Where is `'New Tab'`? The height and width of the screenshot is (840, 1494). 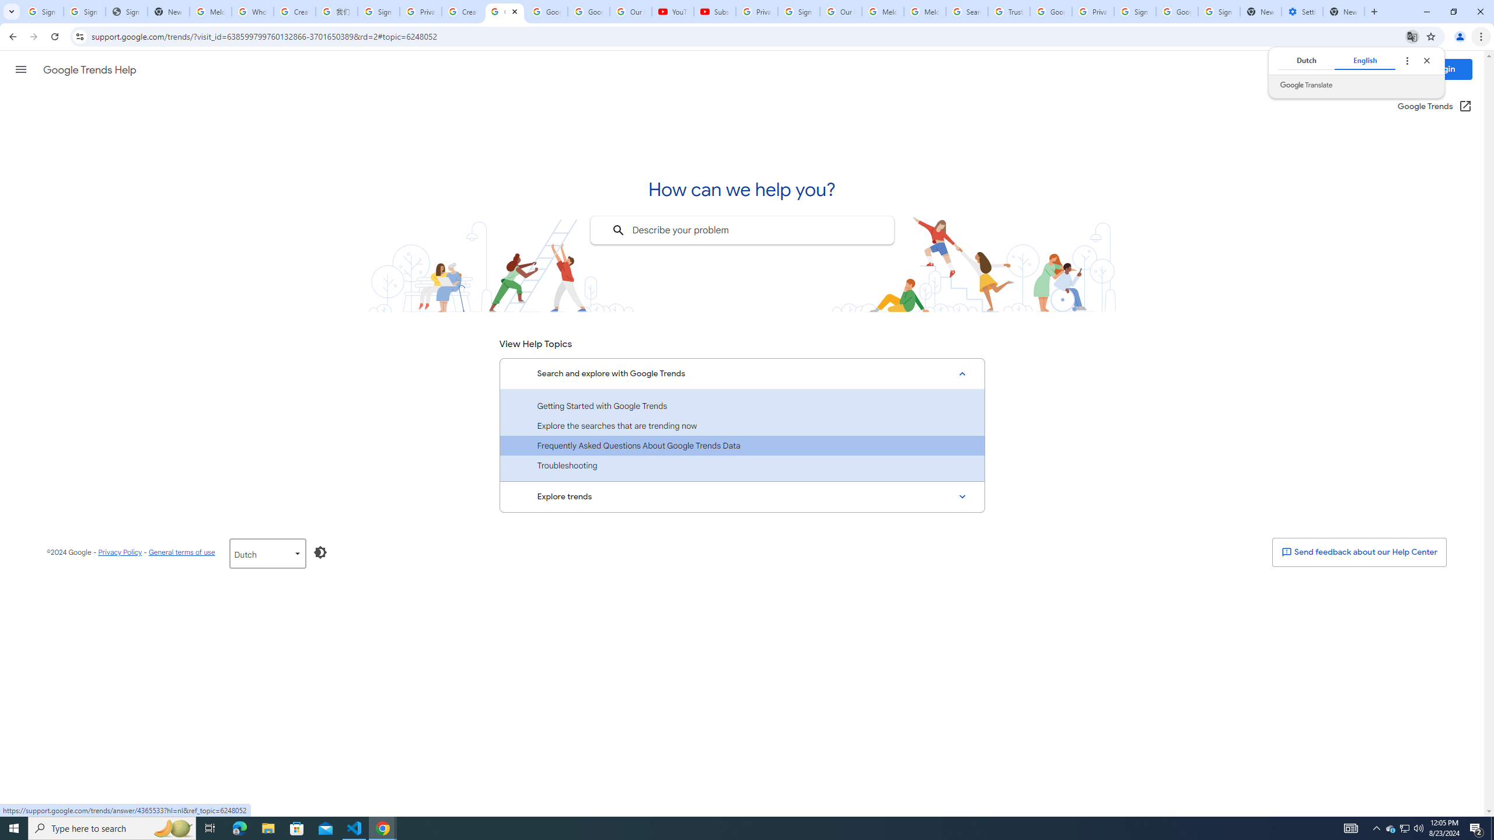 'New Tab' is located at coordinates (1343, 11).